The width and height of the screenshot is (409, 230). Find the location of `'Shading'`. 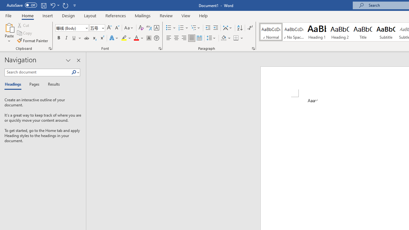

'Shading' is located at coordinates (226, 38).